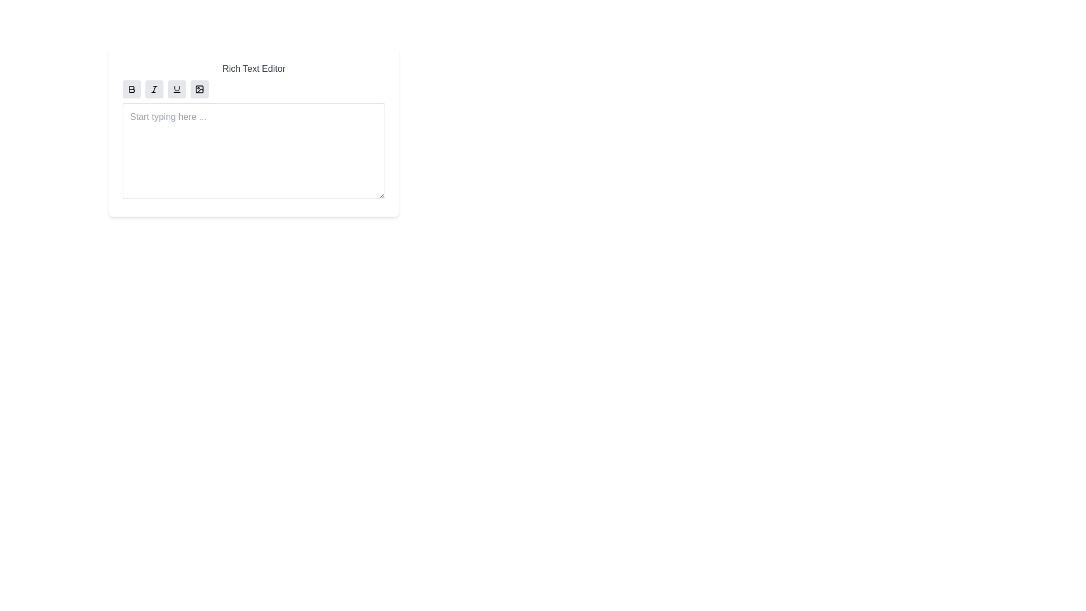  Describe the element at coordinates (132, 89) in the screenshot. I see `the 'Bold' formatting button, which is the first icon in the horizontal row of formatting buttons above the text input area of the editor, to apply bold styling to the selected text` at that location.